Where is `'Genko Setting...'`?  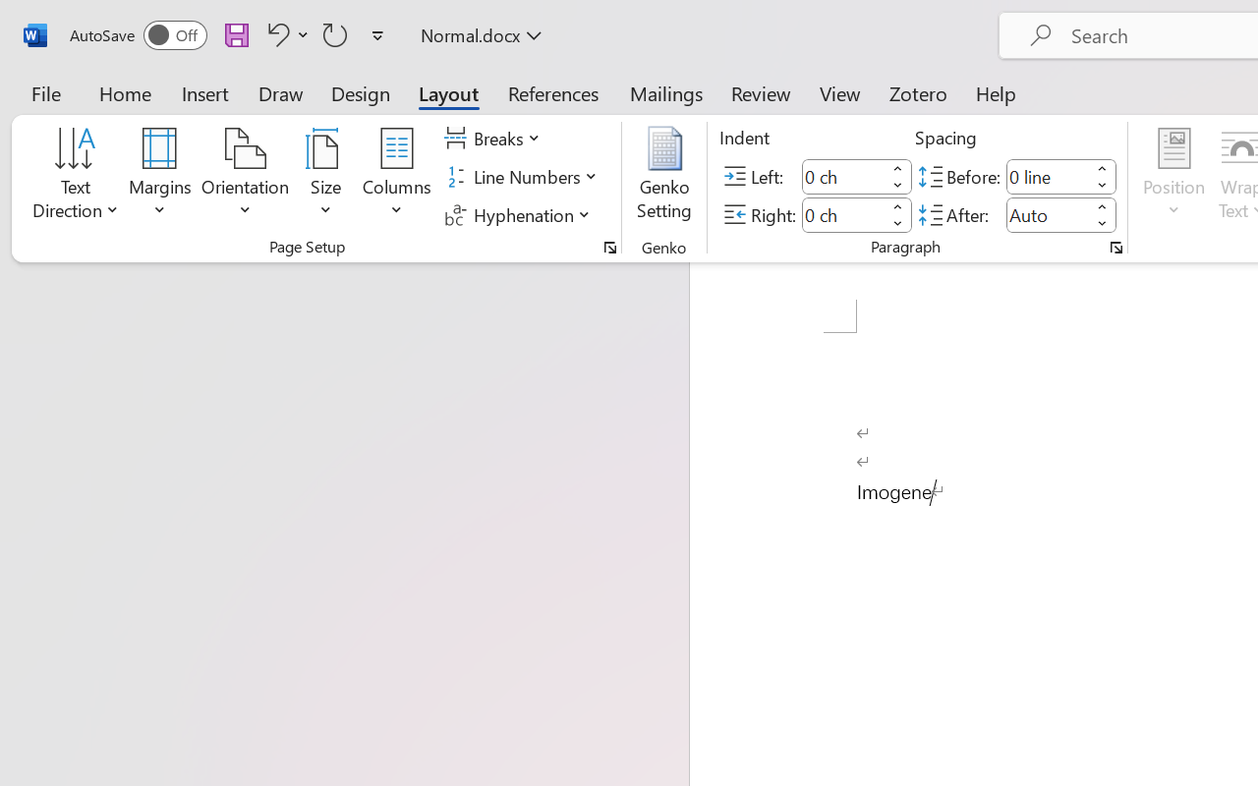
'Genko Setting...' is located at coordinates (664, 176).